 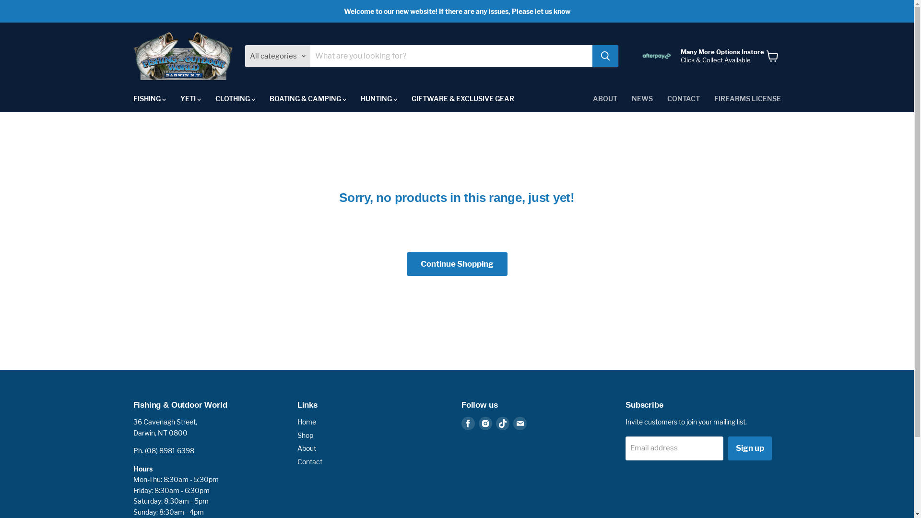 What do you see at coordinates (306, 421) in the screenshot?
I see `'Home'` at bounding box center [306, 421].